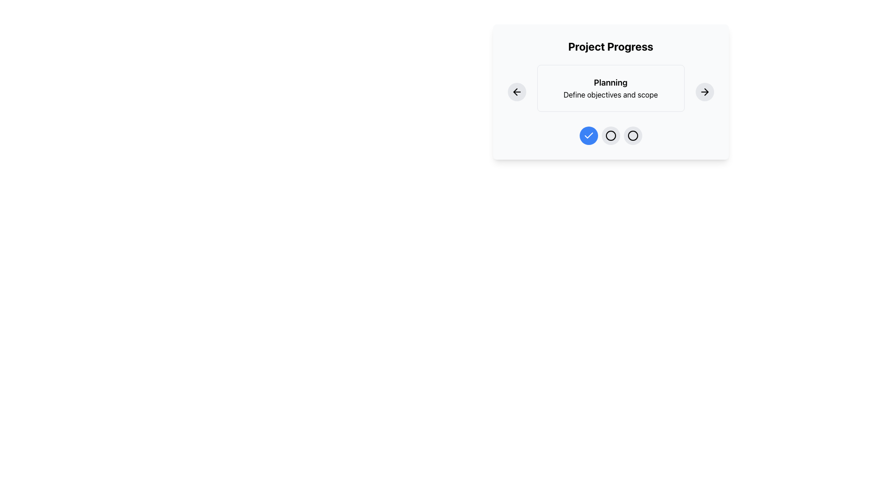 The height and width of the screenshot is (497, 884). Describe the element at coordinates (588, 135) in the screenshot. I see `the blue circular icon with a white checkmark` at that location.